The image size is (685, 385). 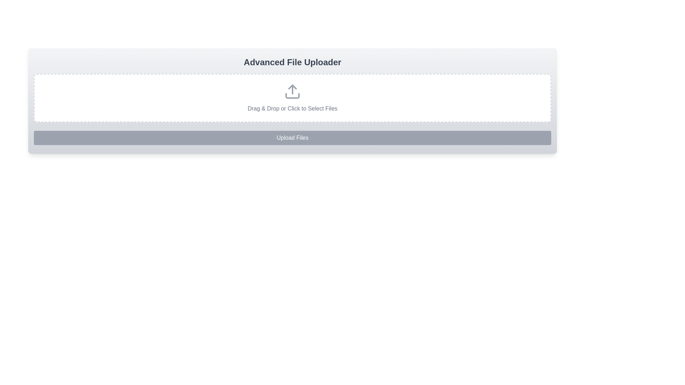 I want to click on the text label that says 'Drag & Drop or Click to Select Files', which is styled in gray and located within a dashed border area under an upload icon and above the 'Upload Files' button, so click(x=293, y=108).